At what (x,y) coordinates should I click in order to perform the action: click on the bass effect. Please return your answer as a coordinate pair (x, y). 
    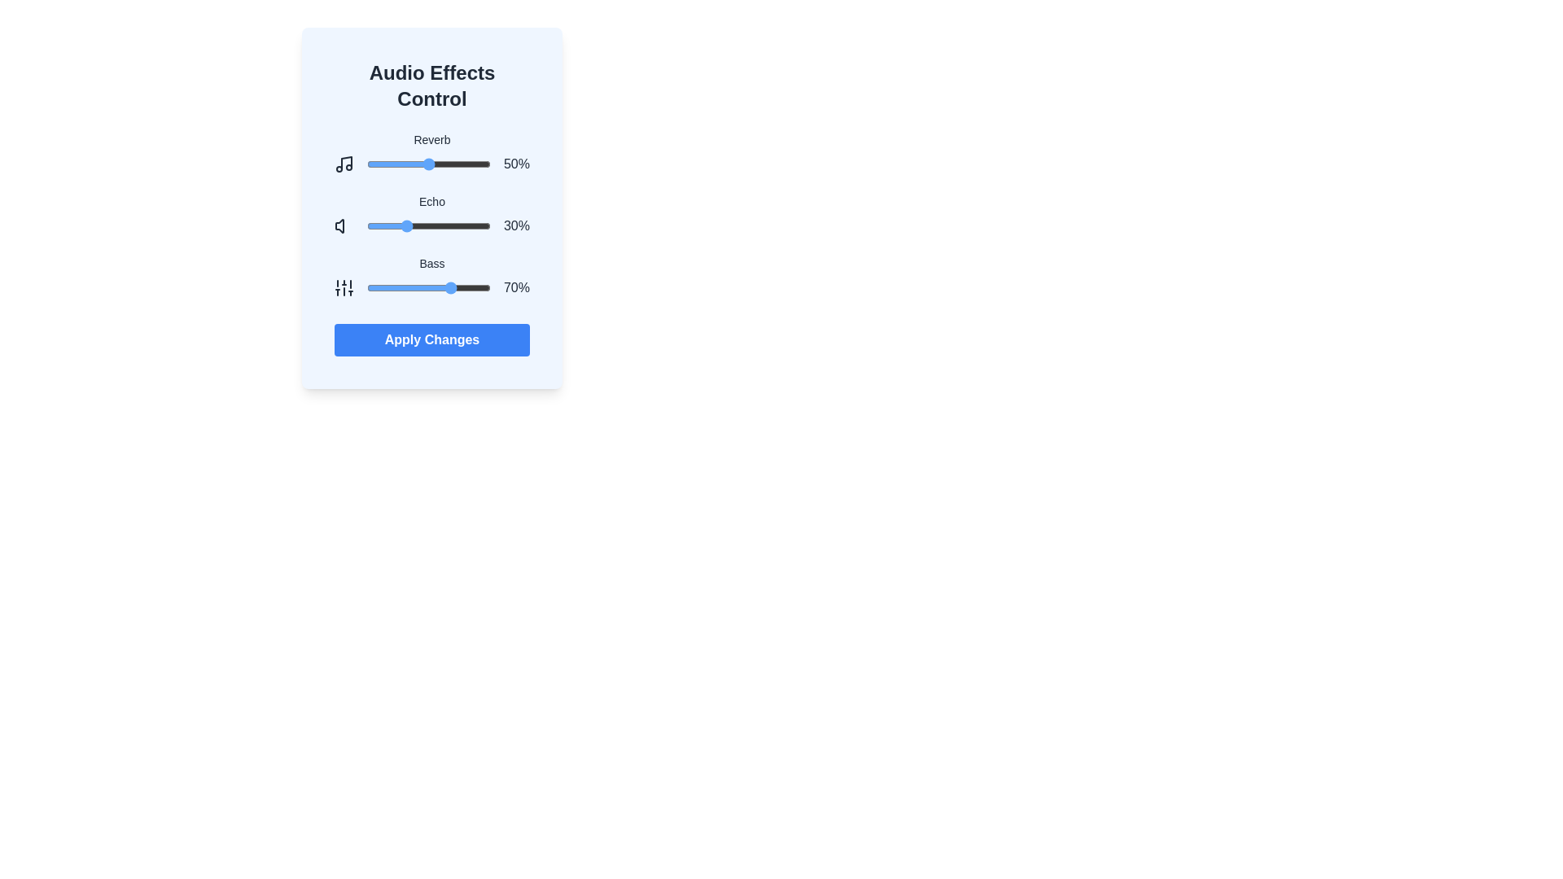
    Looking at the image, I should click on (371, 287).